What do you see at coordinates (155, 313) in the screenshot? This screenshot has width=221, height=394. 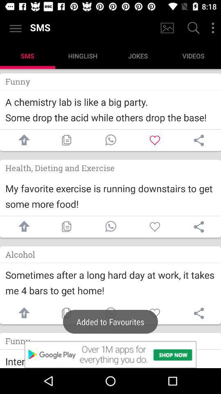 I see `like button` at bounding box center [155, 313].